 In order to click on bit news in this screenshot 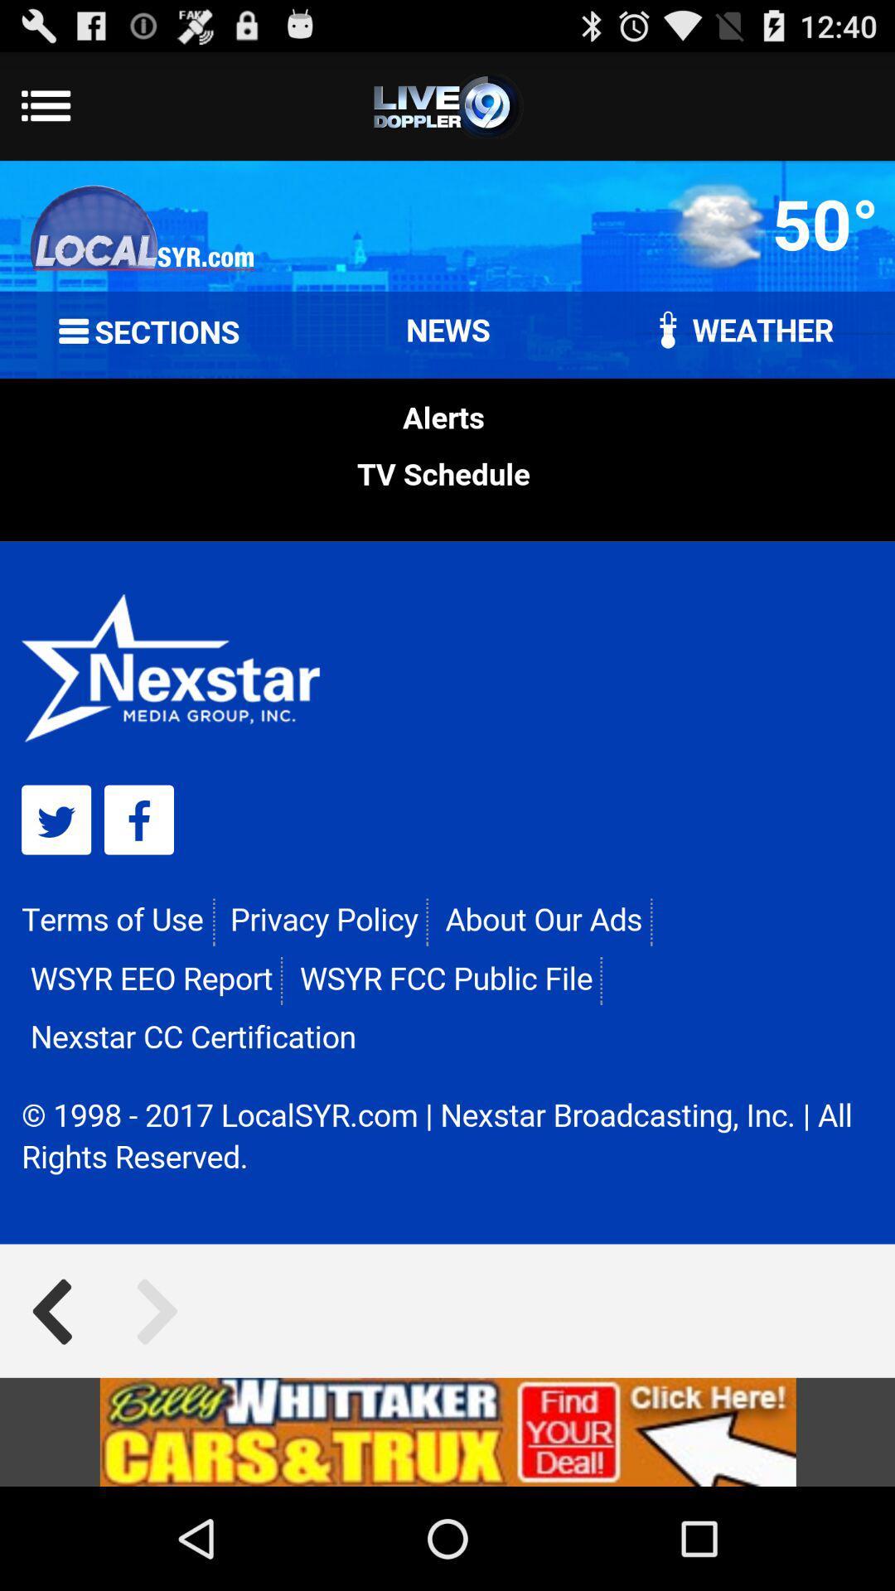, I will do `click(447, 1431)`.